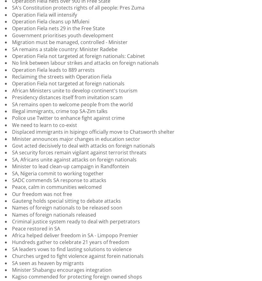 This screenshot has height=281, width=262. Describe the element at coordinates (75, 235) in the screenshot. I see `'Africa helped deliver freedom in SA - Limpopo Premier'` at that location.